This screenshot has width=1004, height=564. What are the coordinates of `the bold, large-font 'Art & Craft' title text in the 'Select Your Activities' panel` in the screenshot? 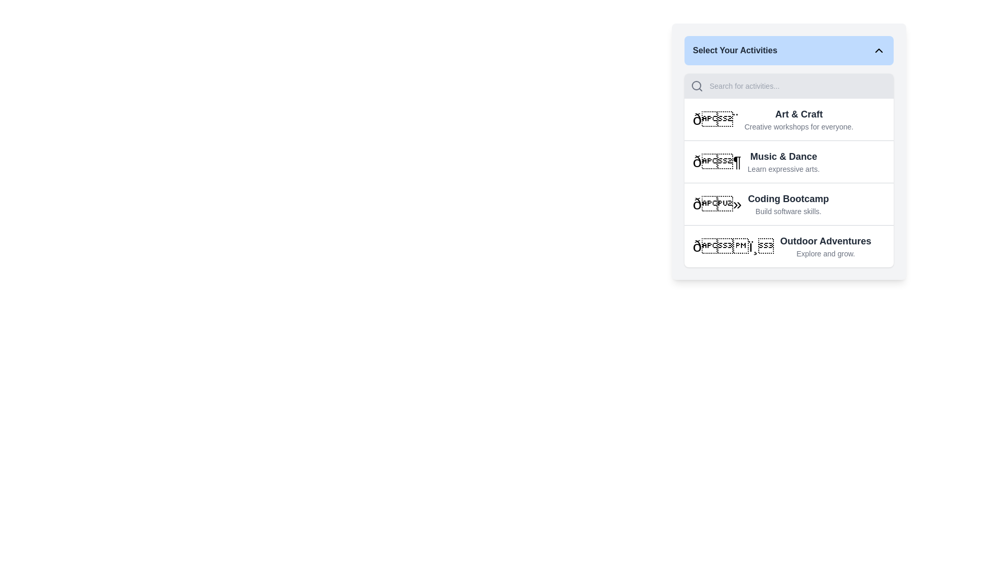 It's located at (798, 114).